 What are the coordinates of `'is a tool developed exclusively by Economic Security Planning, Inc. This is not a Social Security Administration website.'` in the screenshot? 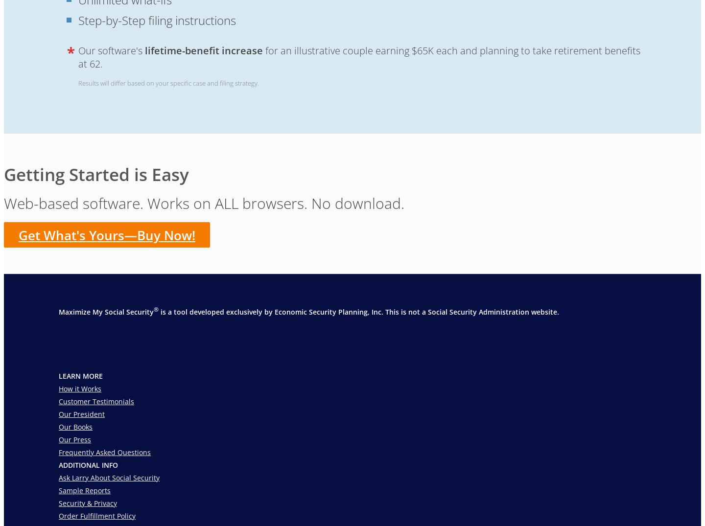 It's located at (358, 312).